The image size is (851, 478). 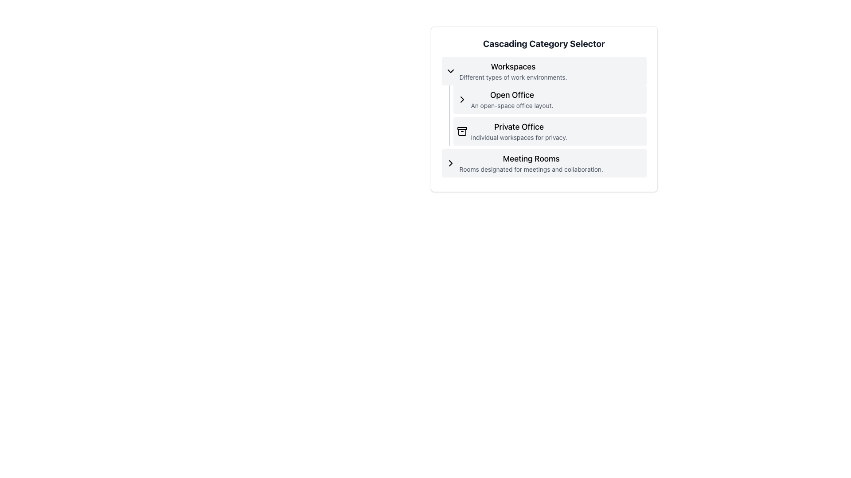 What do you see at coordinates (450, 71) in the screenshot?
I see `the Dropdown indicator icon located to the left of the 'Workspaces' text` at bounding box center [450, 71].